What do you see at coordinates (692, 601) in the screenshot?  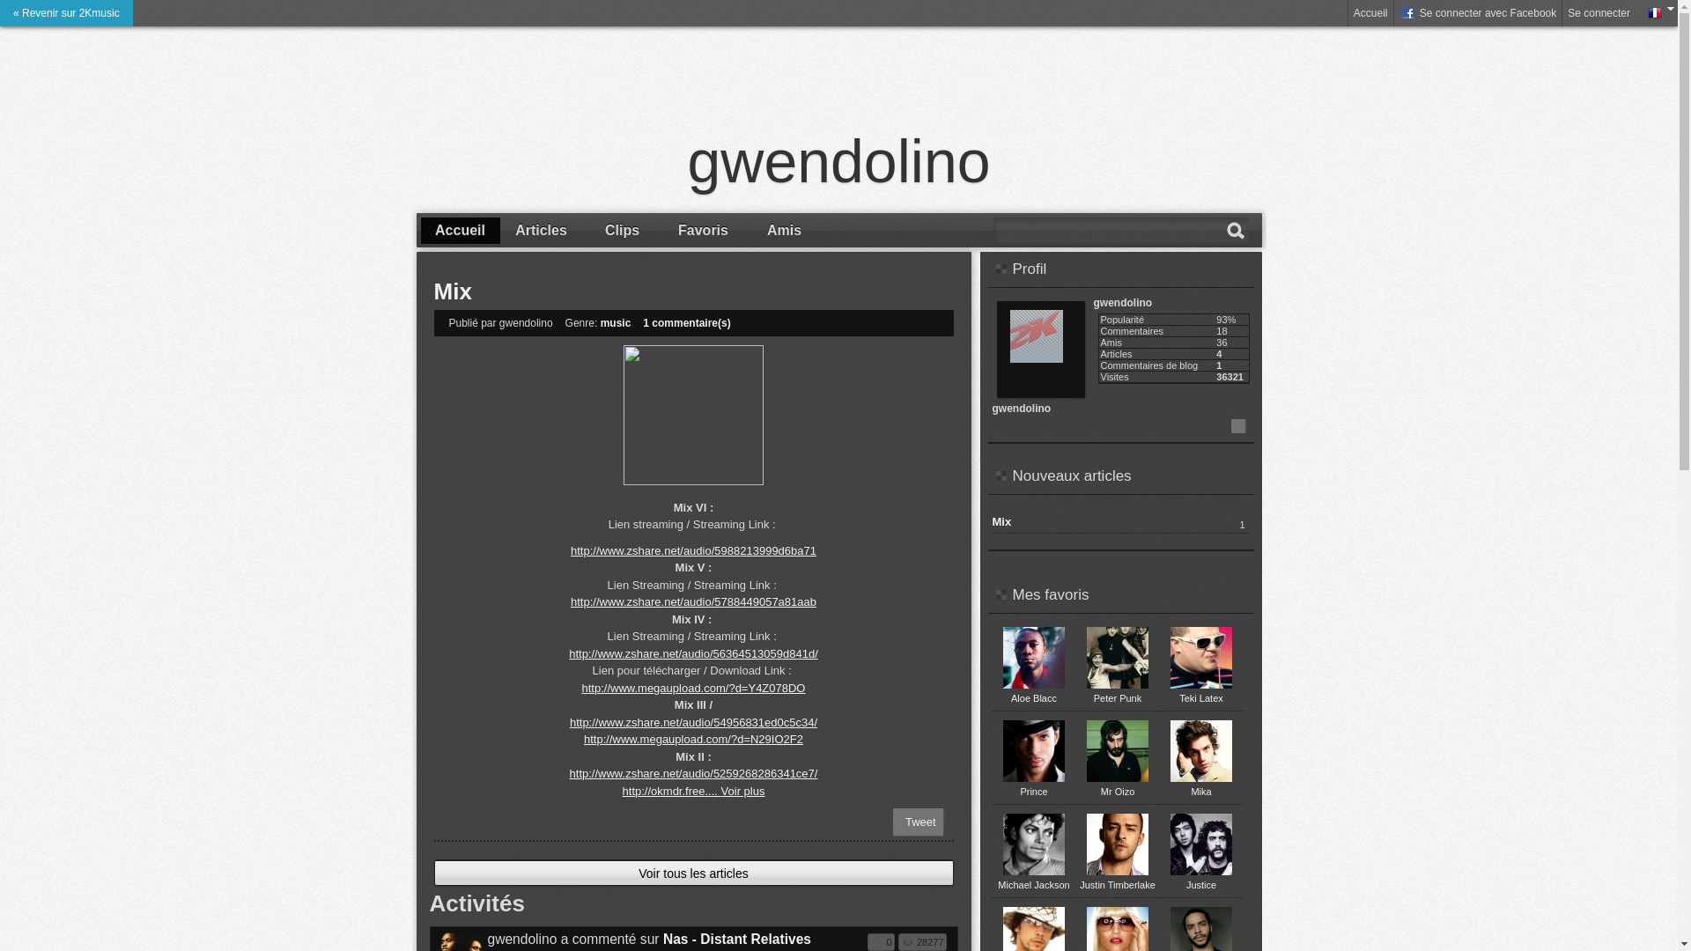 I see `'http://www.zshare.net/audio/5788449057a81aab'` at bounding box center [692, 601].